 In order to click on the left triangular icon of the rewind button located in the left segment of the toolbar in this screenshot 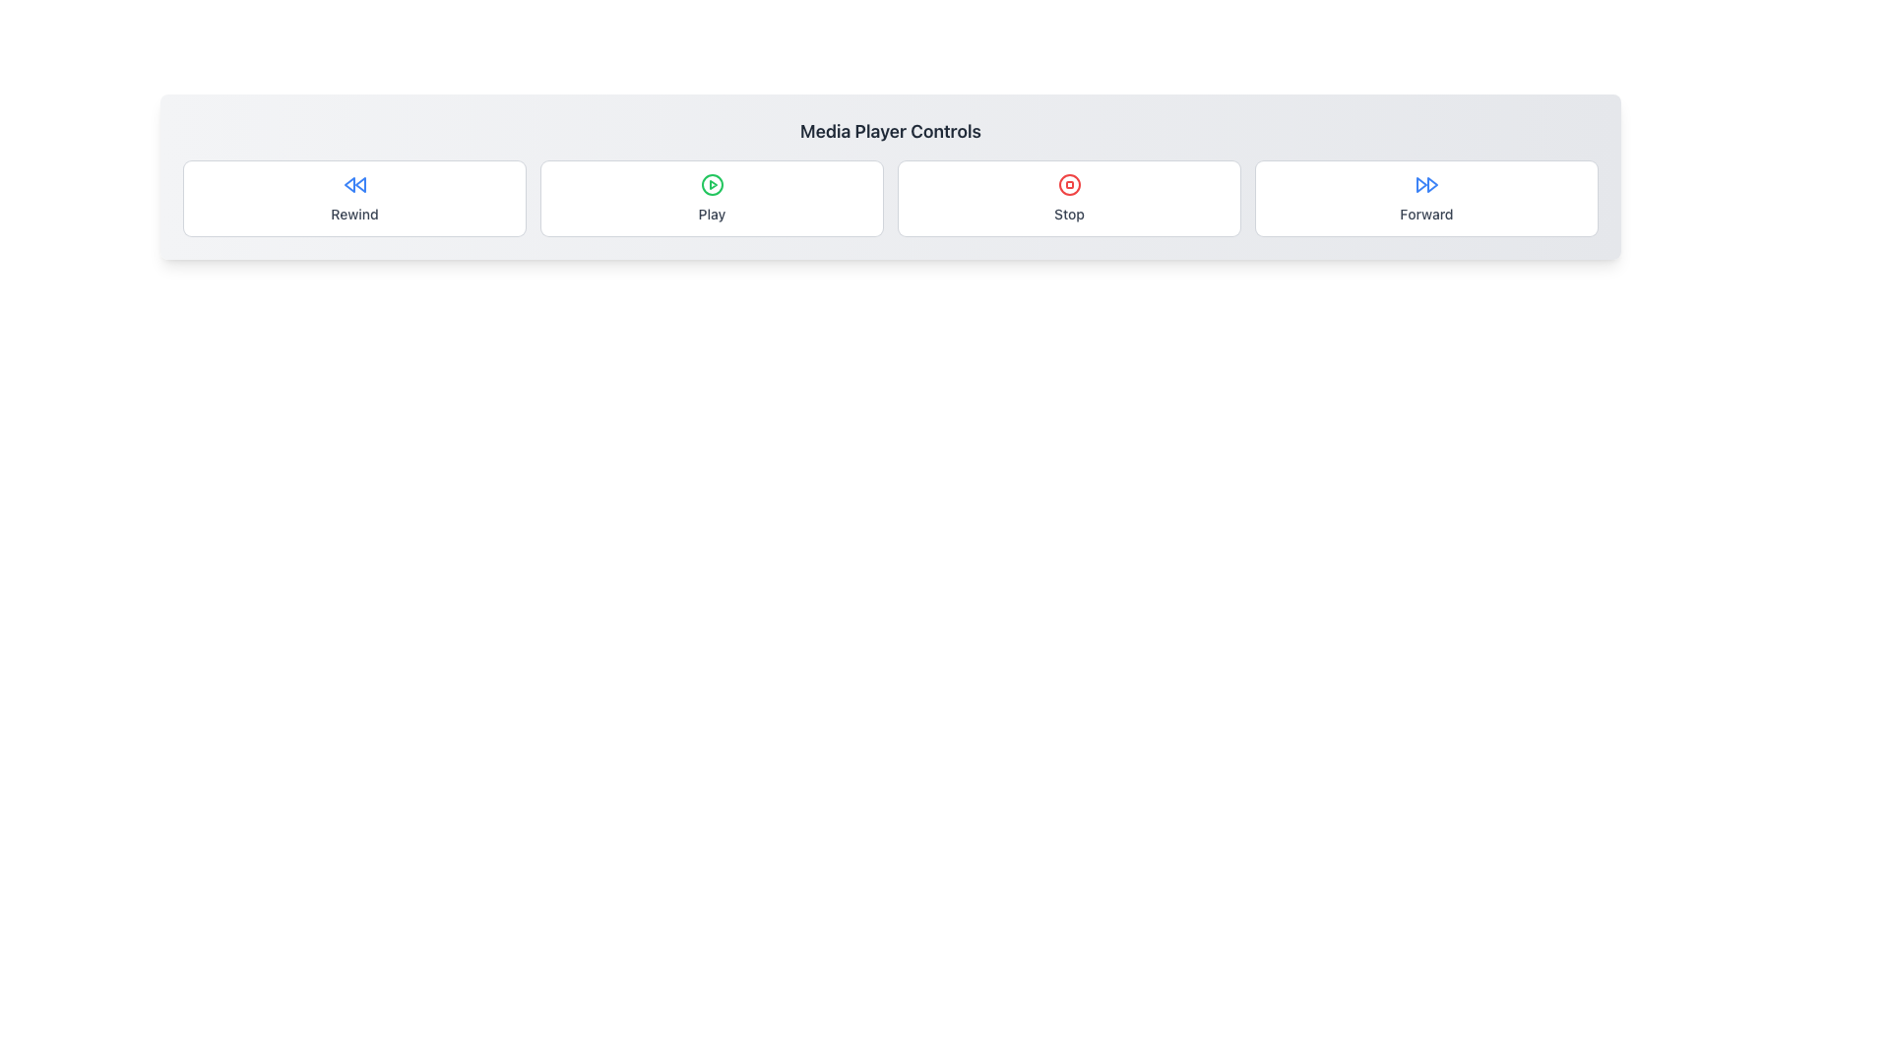, I will do `click(349, 185)`.